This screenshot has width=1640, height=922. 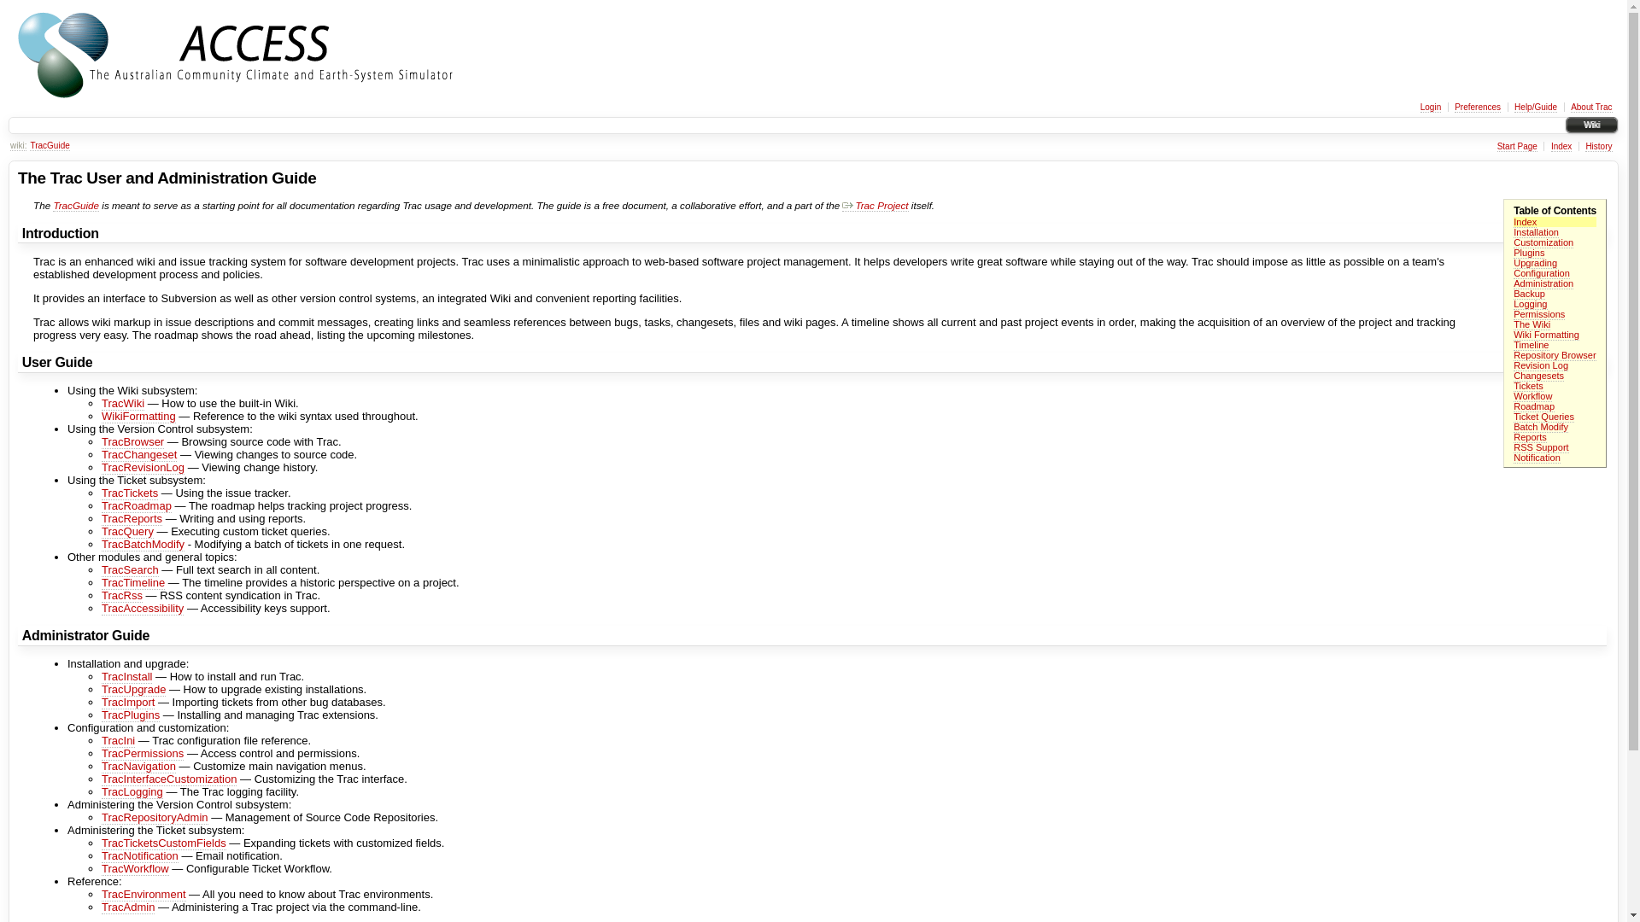 What do you see at coordinates (1530, 303) in the screenshot?
I see `'Logging'` at bounding box center [1530, 303].